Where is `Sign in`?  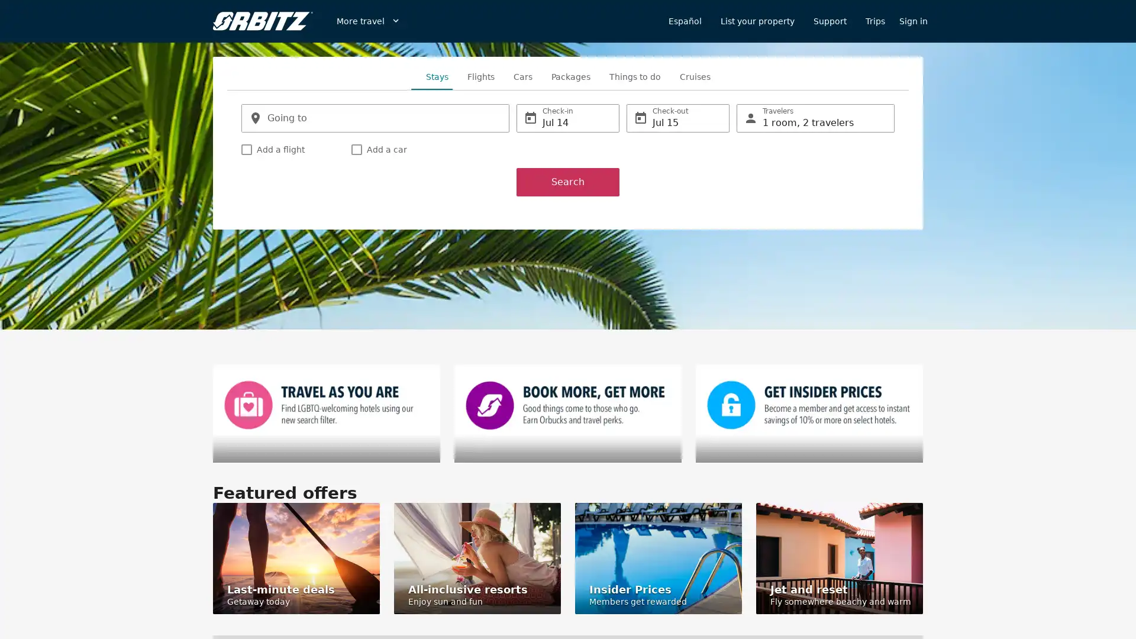 Sign in is located at coordinates (913, 21).